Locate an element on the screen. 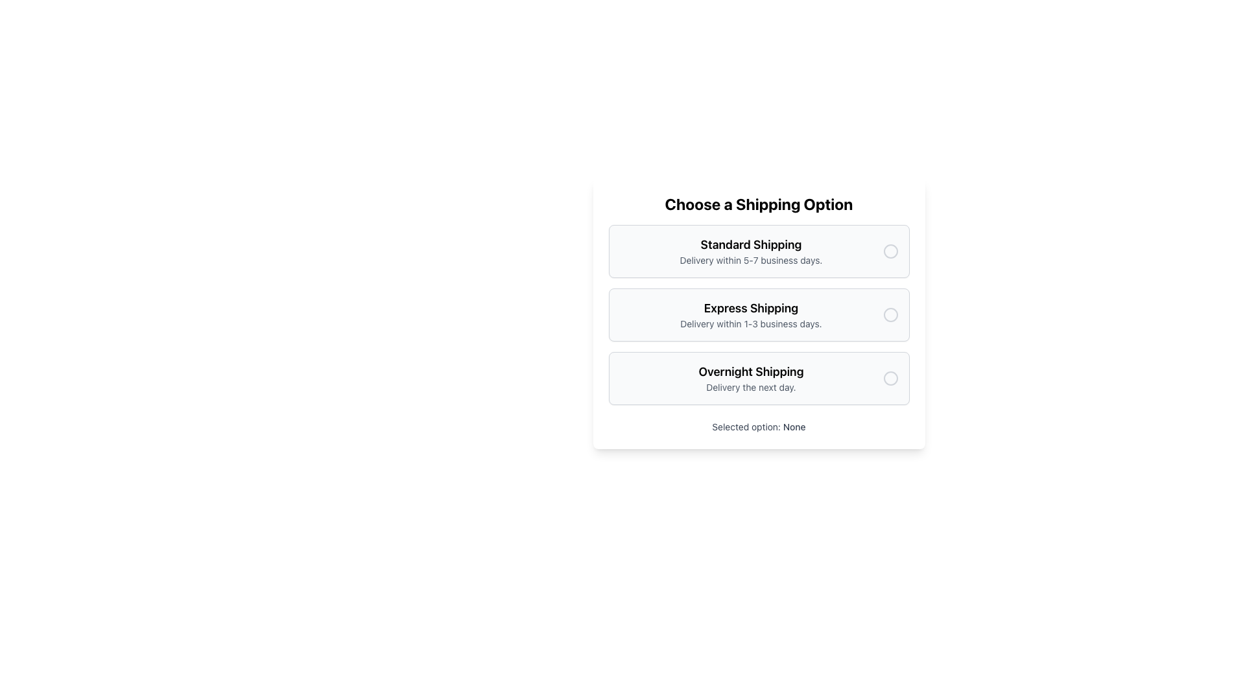  the text label for the second shipping option, which provides a clear title for this choice, positioned above the smaller descriptive text about delivery time is located at coordinates (751, 308).